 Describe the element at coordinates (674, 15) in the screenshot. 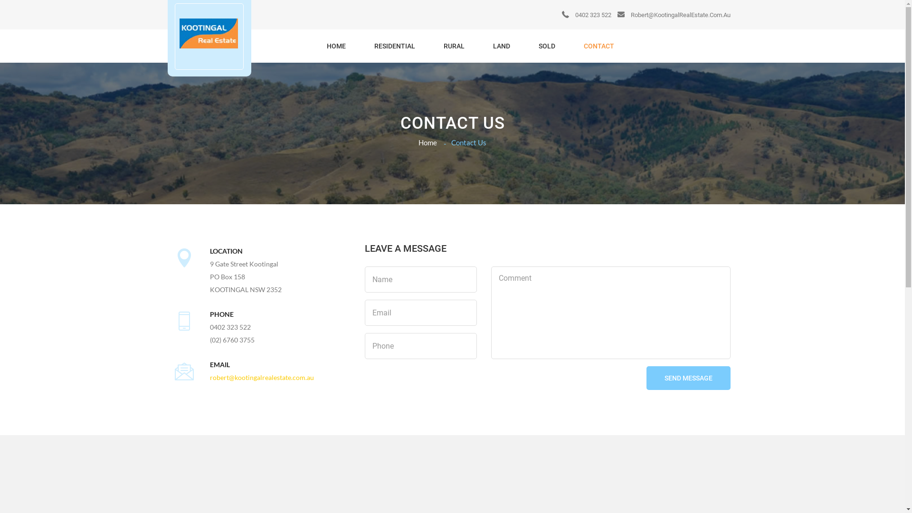

I see `'Robert@KootingalRealEstate.Com.Au'` at that location.